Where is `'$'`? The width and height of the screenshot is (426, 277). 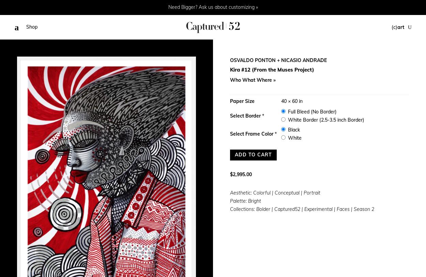
'$' is located at coordinates (231, 174).